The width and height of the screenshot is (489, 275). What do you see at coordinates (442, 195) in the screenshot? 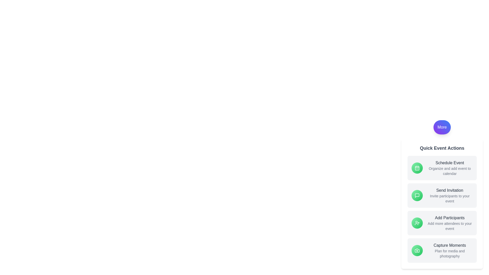
I see `the 'Send Invitation' action` at bounding box center [442, 195].